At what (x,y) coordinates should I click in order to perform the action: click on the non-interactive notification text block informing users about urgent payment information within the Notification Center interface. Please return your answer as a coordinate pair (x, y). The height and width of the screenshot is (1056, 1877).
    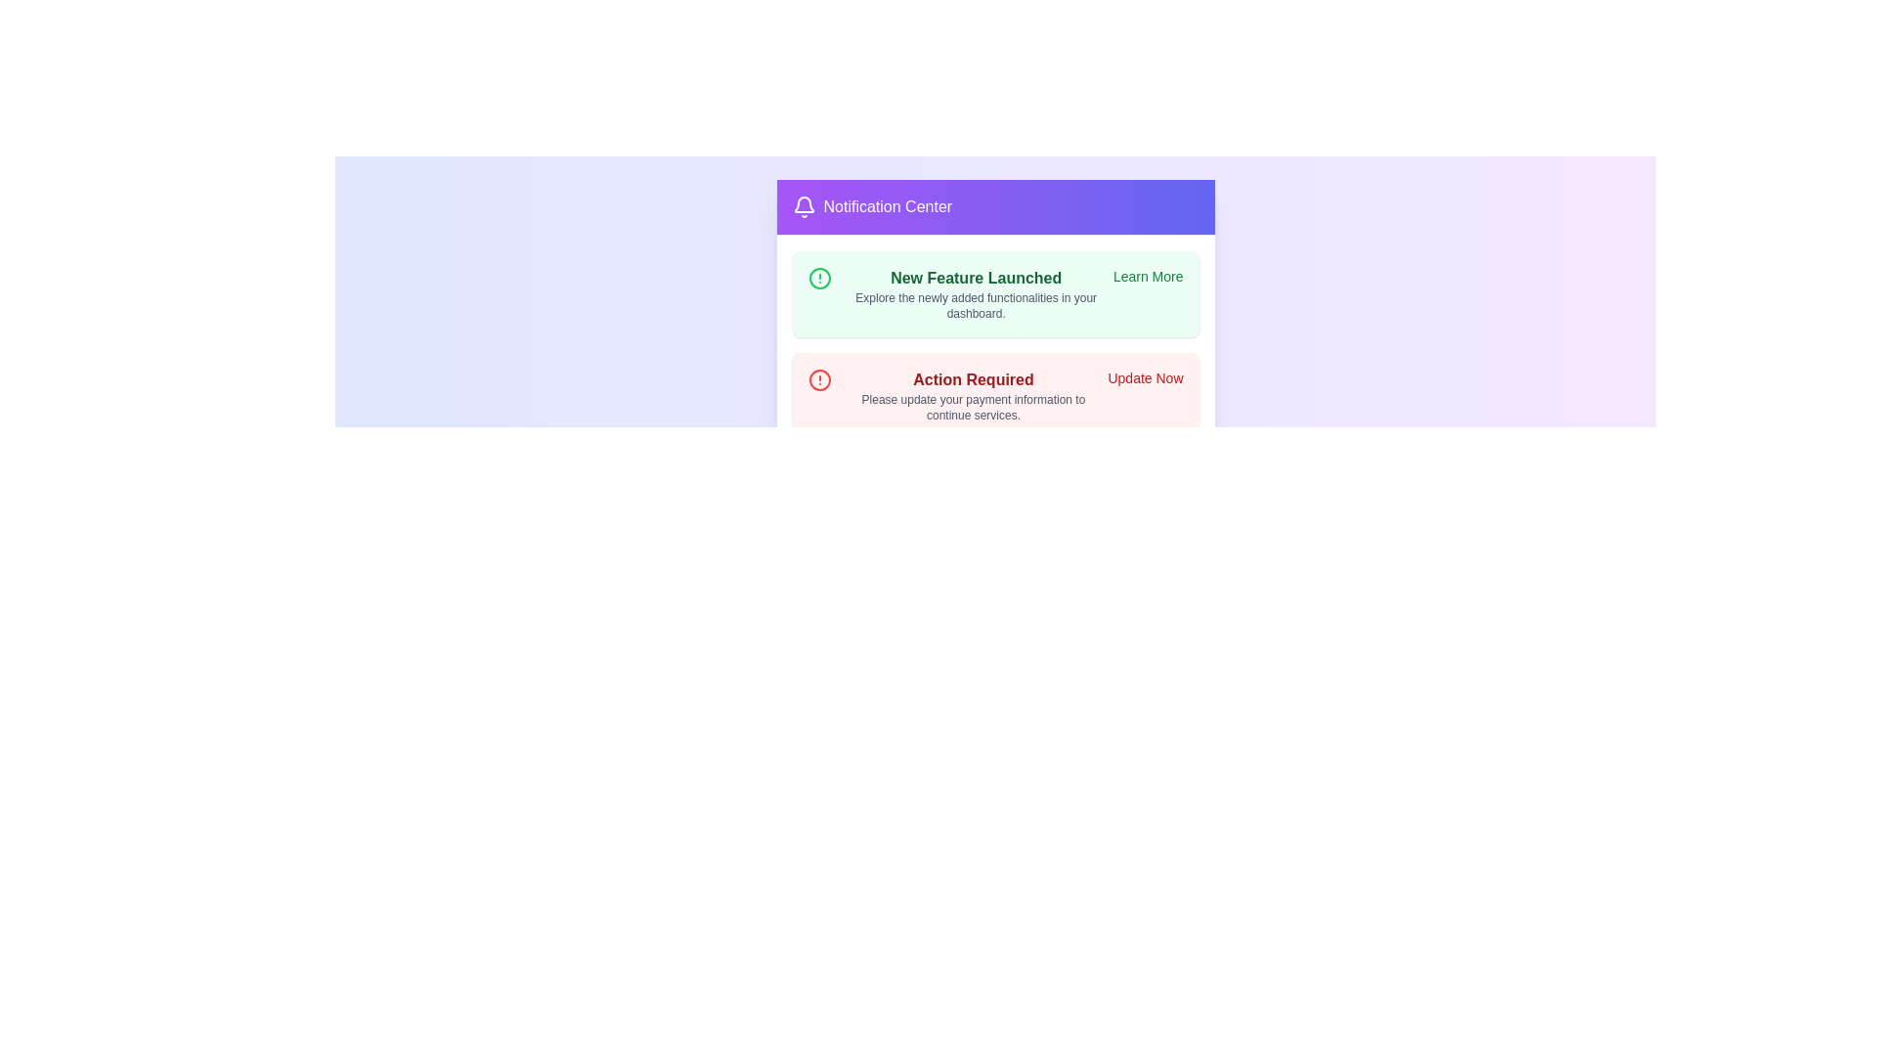
    Looking at the image, I should click on (973, 396).